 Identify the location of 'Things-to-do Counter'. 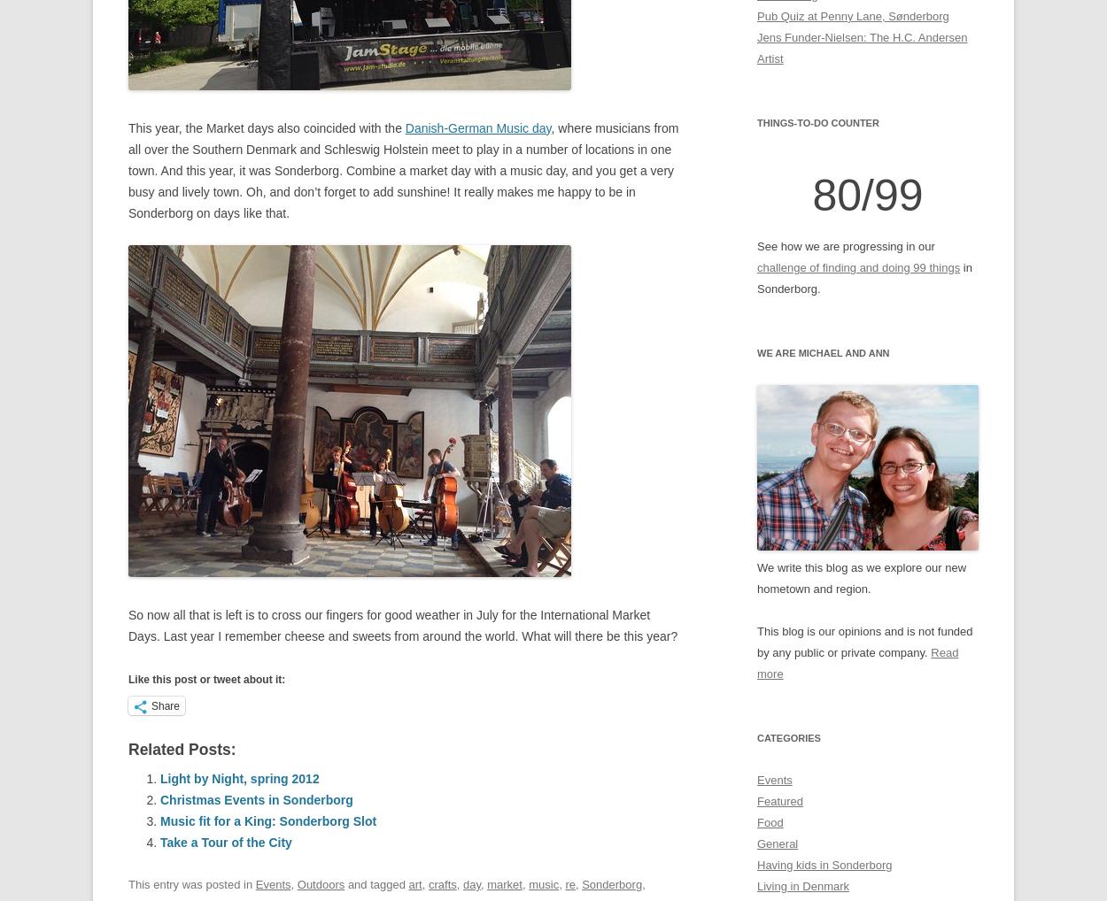
(817, 121).